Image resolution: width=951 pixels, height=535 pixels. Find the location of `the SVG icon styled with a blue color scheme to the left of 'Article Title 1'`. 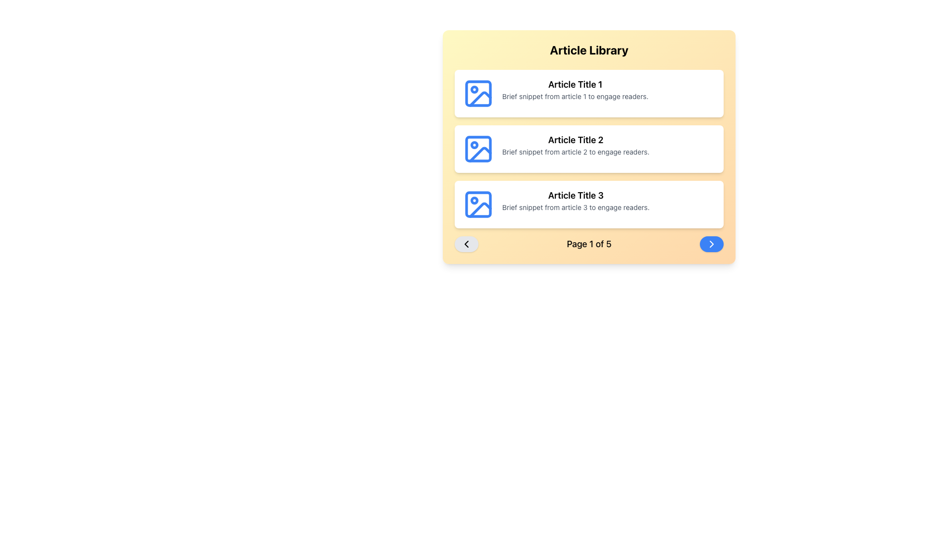

the SVG icon styled with a blue color scheme to the left of 'Article Title 1' is located at coordinates (478, 94).